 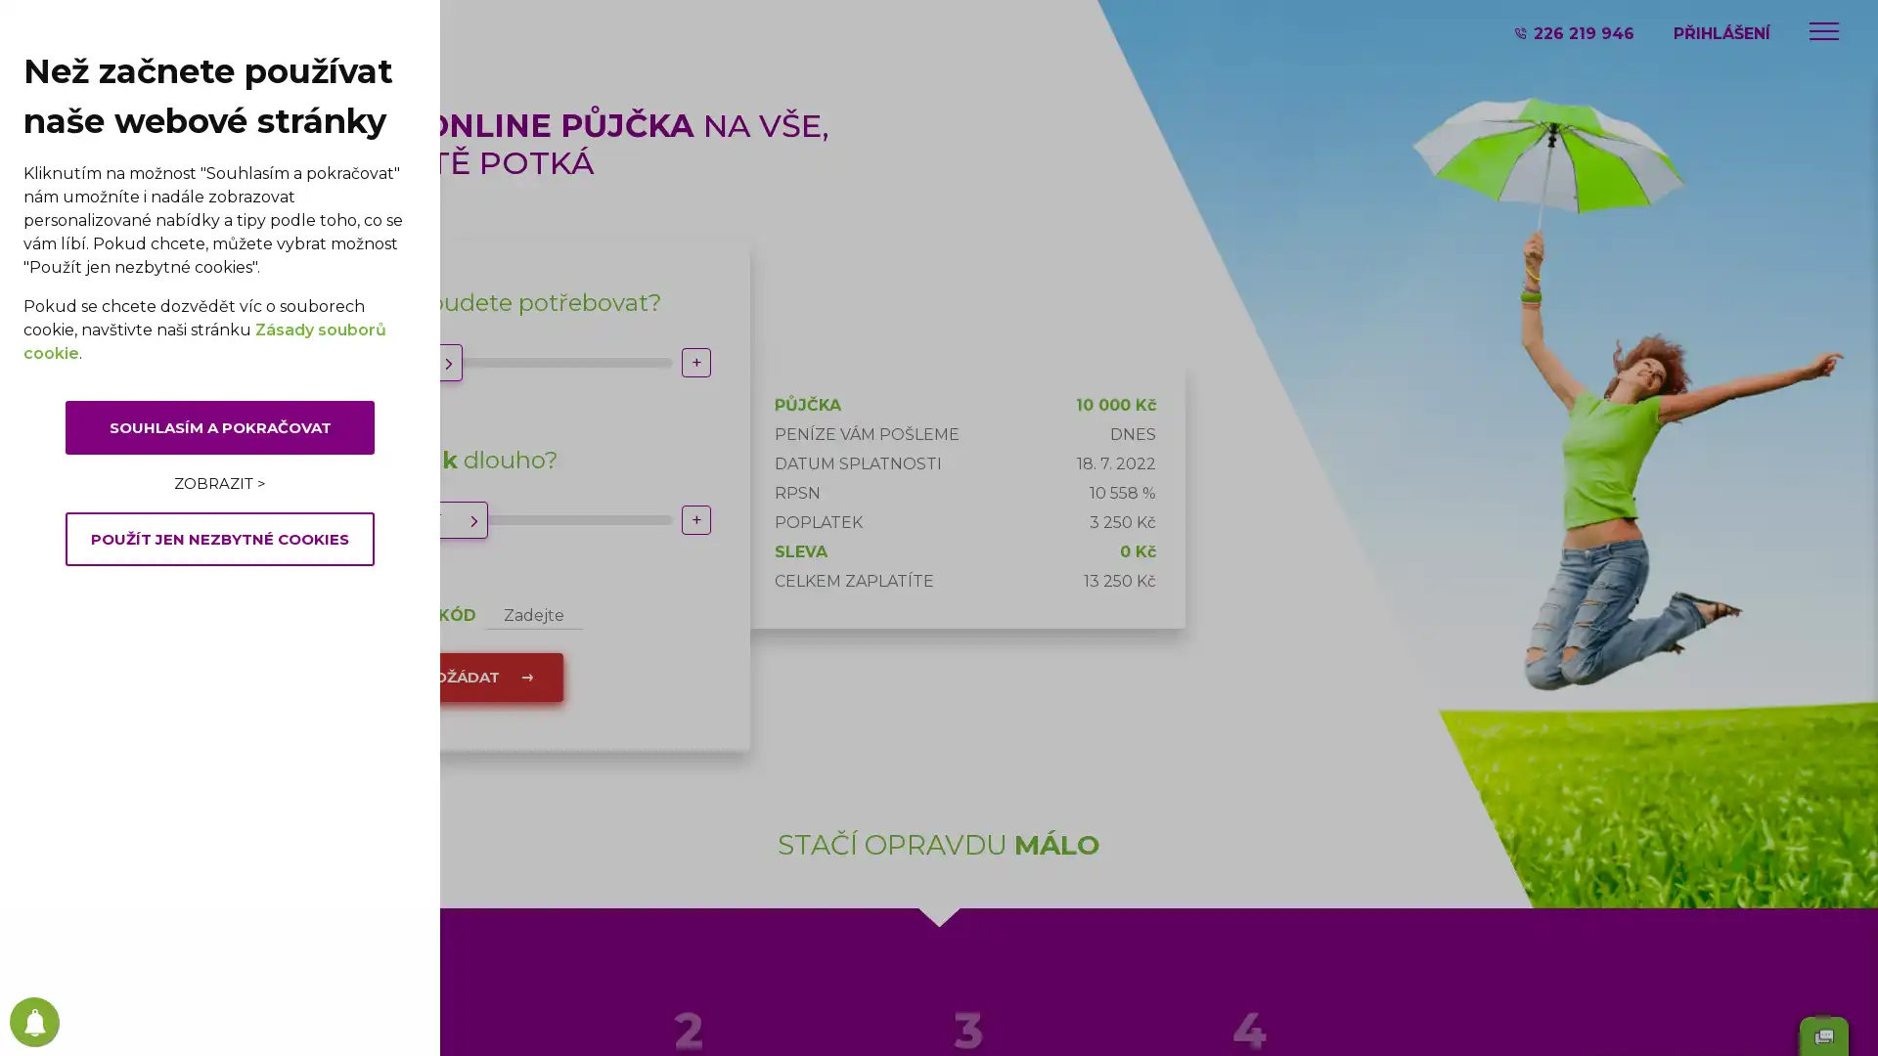 What do you see at coordinates (220, 426) in the screenshot?
I see `SOUHLASIM A POKRACOVAT` at bounding box center [220, 426].